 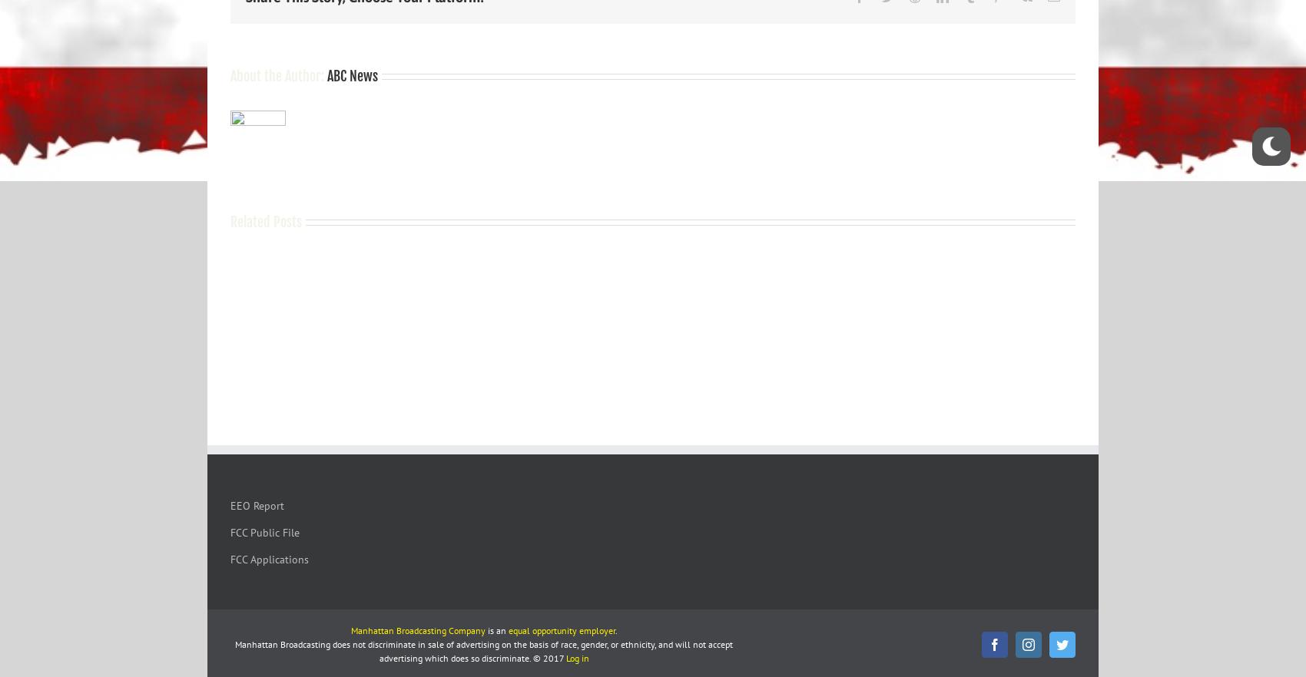 What do you see at coordinates (483, 650) in the screenshot?
I see `'Manhattan Broadcasting does not discriminate in sale of advertising on the 
basis of race, gender, or ethnicity, and will not accept advertising 
which does so discriminate. © 2017'` at bounding box center [483, 650].